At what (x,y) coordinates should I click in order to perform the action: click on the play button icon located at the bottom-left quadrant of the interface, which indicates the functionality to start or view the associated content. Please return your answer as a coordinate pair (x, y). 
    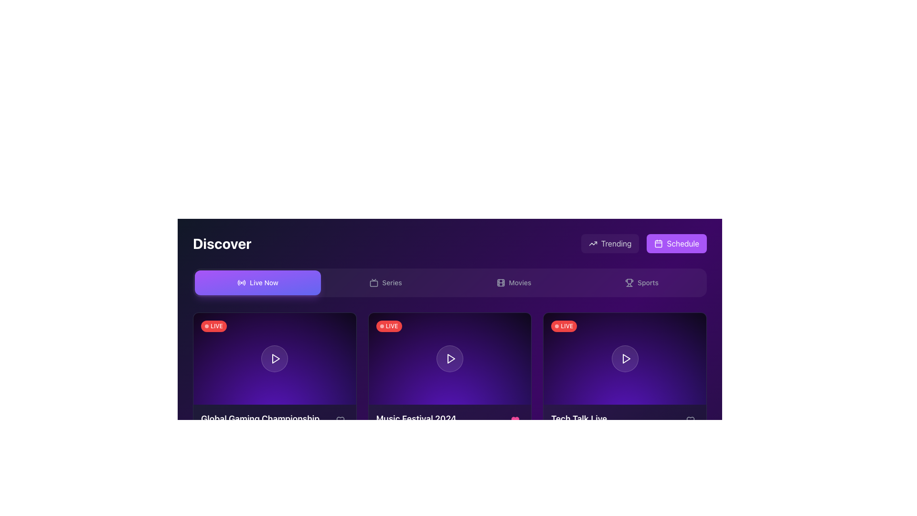
    Looking at the image, I should click on (276, 358).